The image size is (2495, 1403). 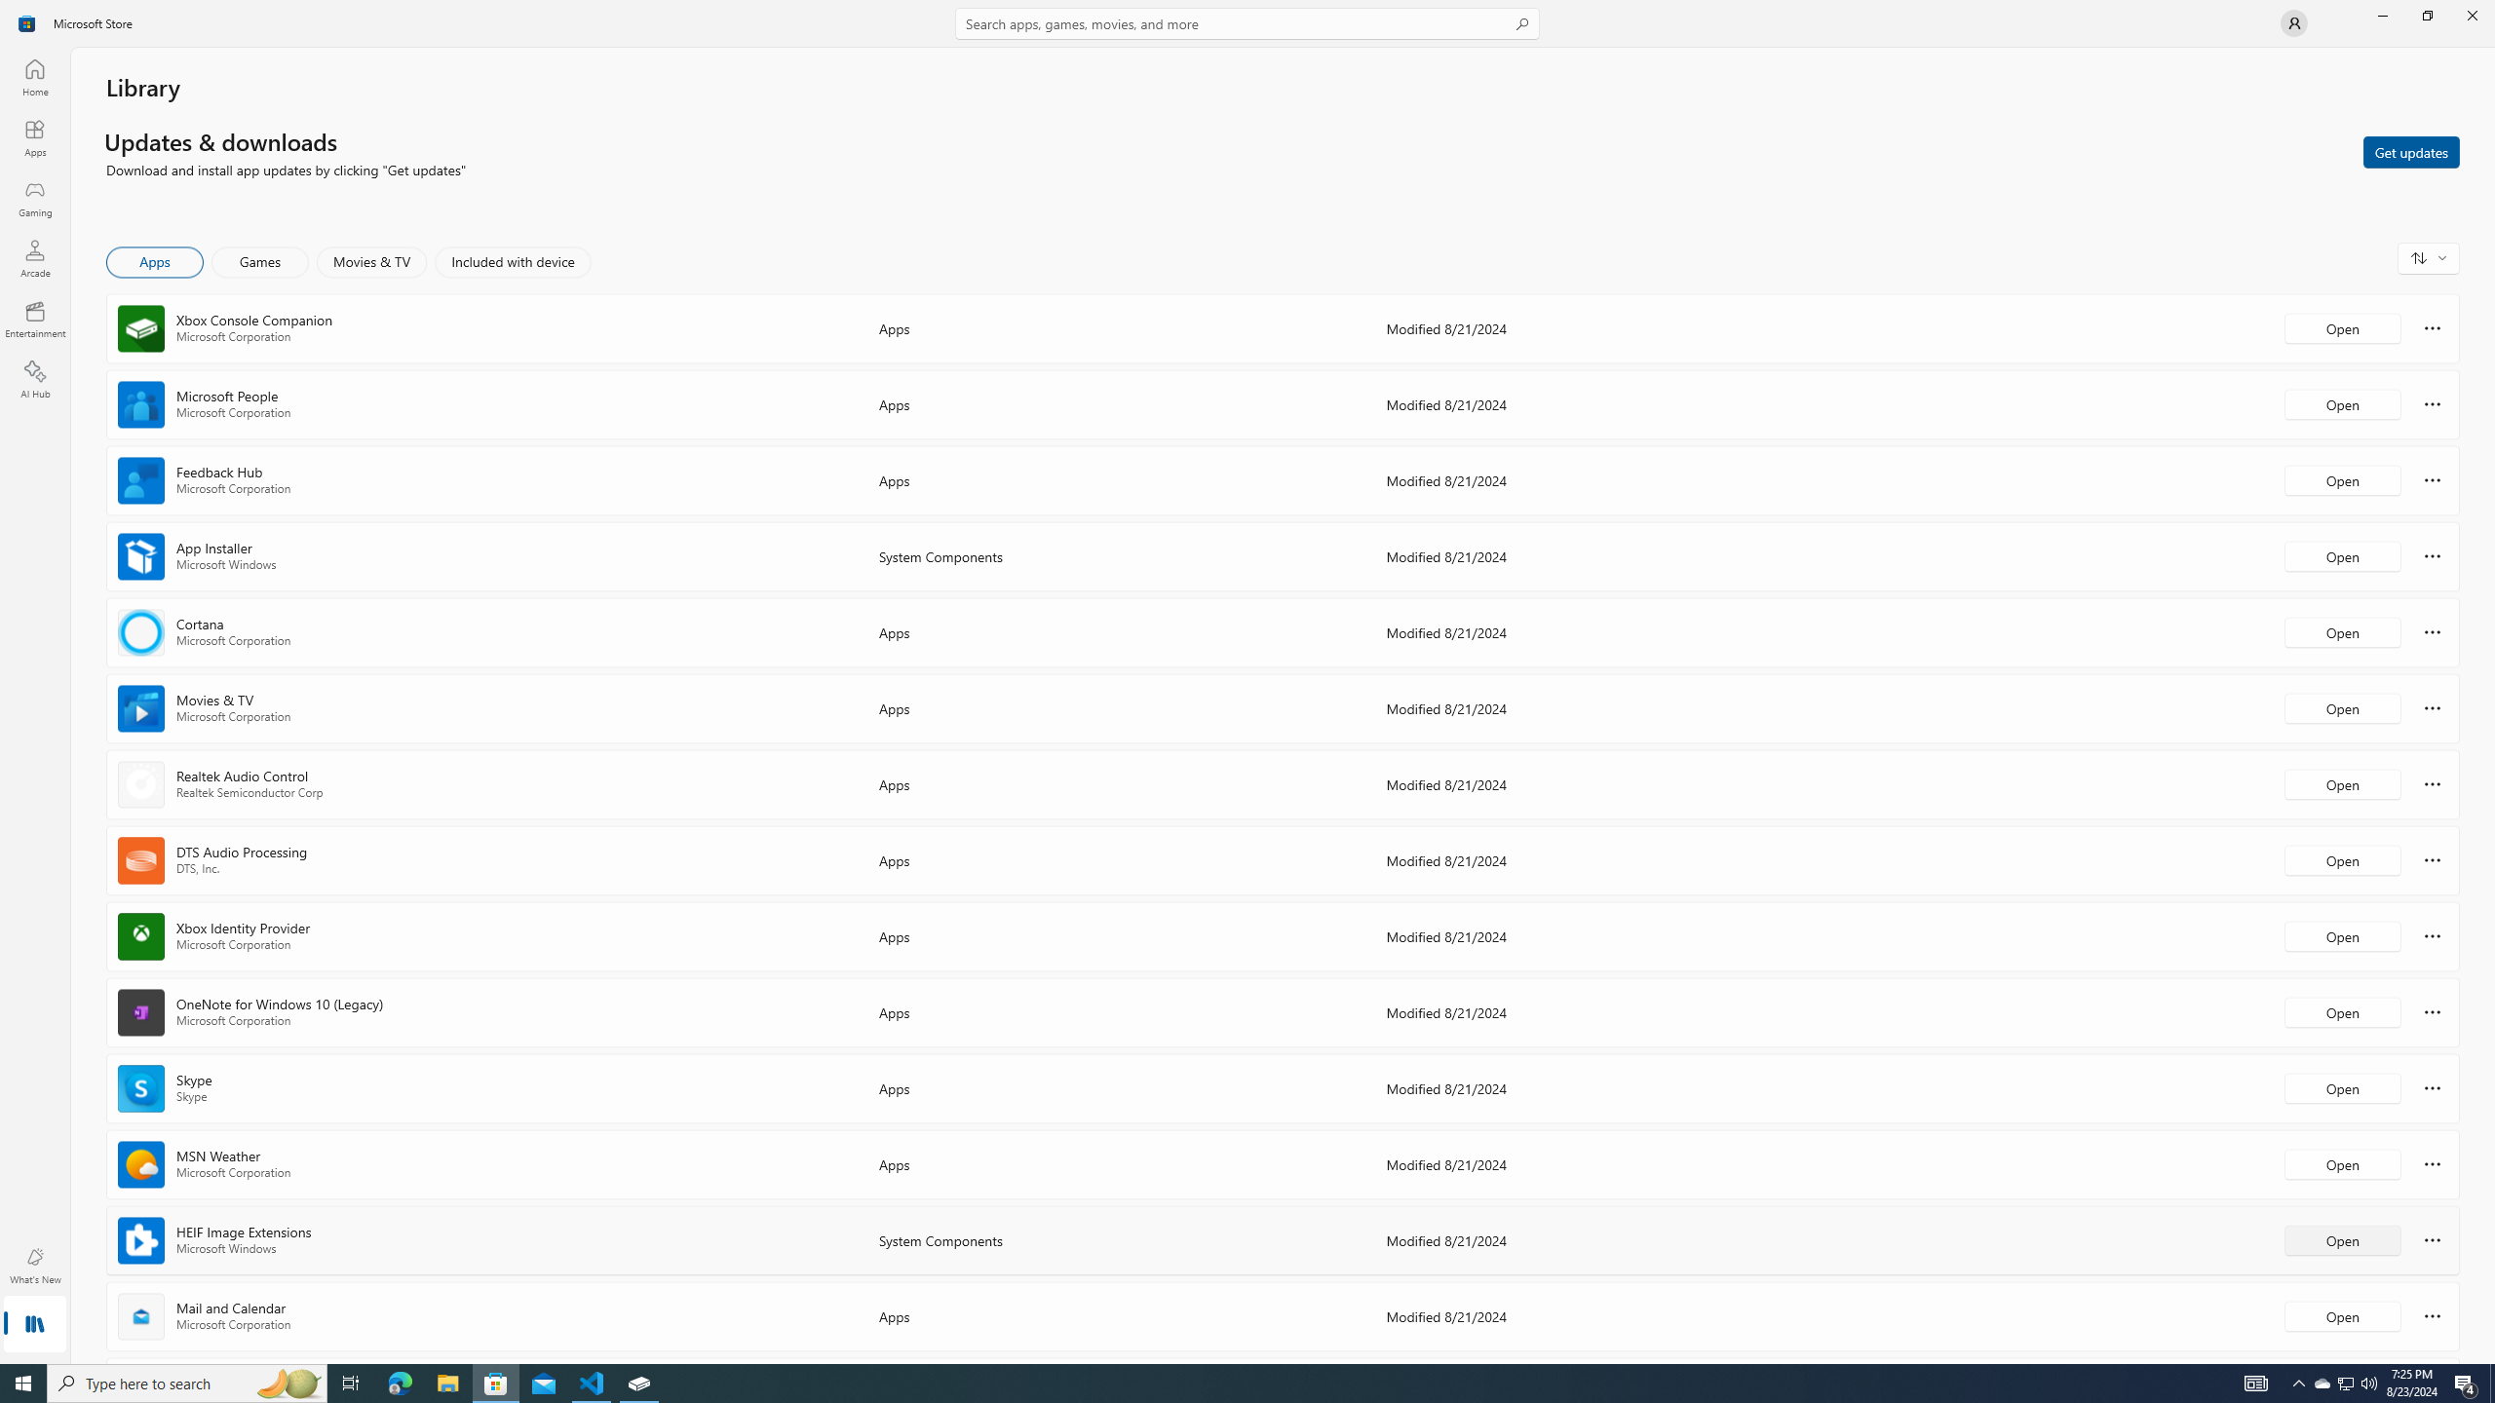 I want to click on 'Arcade', so click(x=33, y=257).